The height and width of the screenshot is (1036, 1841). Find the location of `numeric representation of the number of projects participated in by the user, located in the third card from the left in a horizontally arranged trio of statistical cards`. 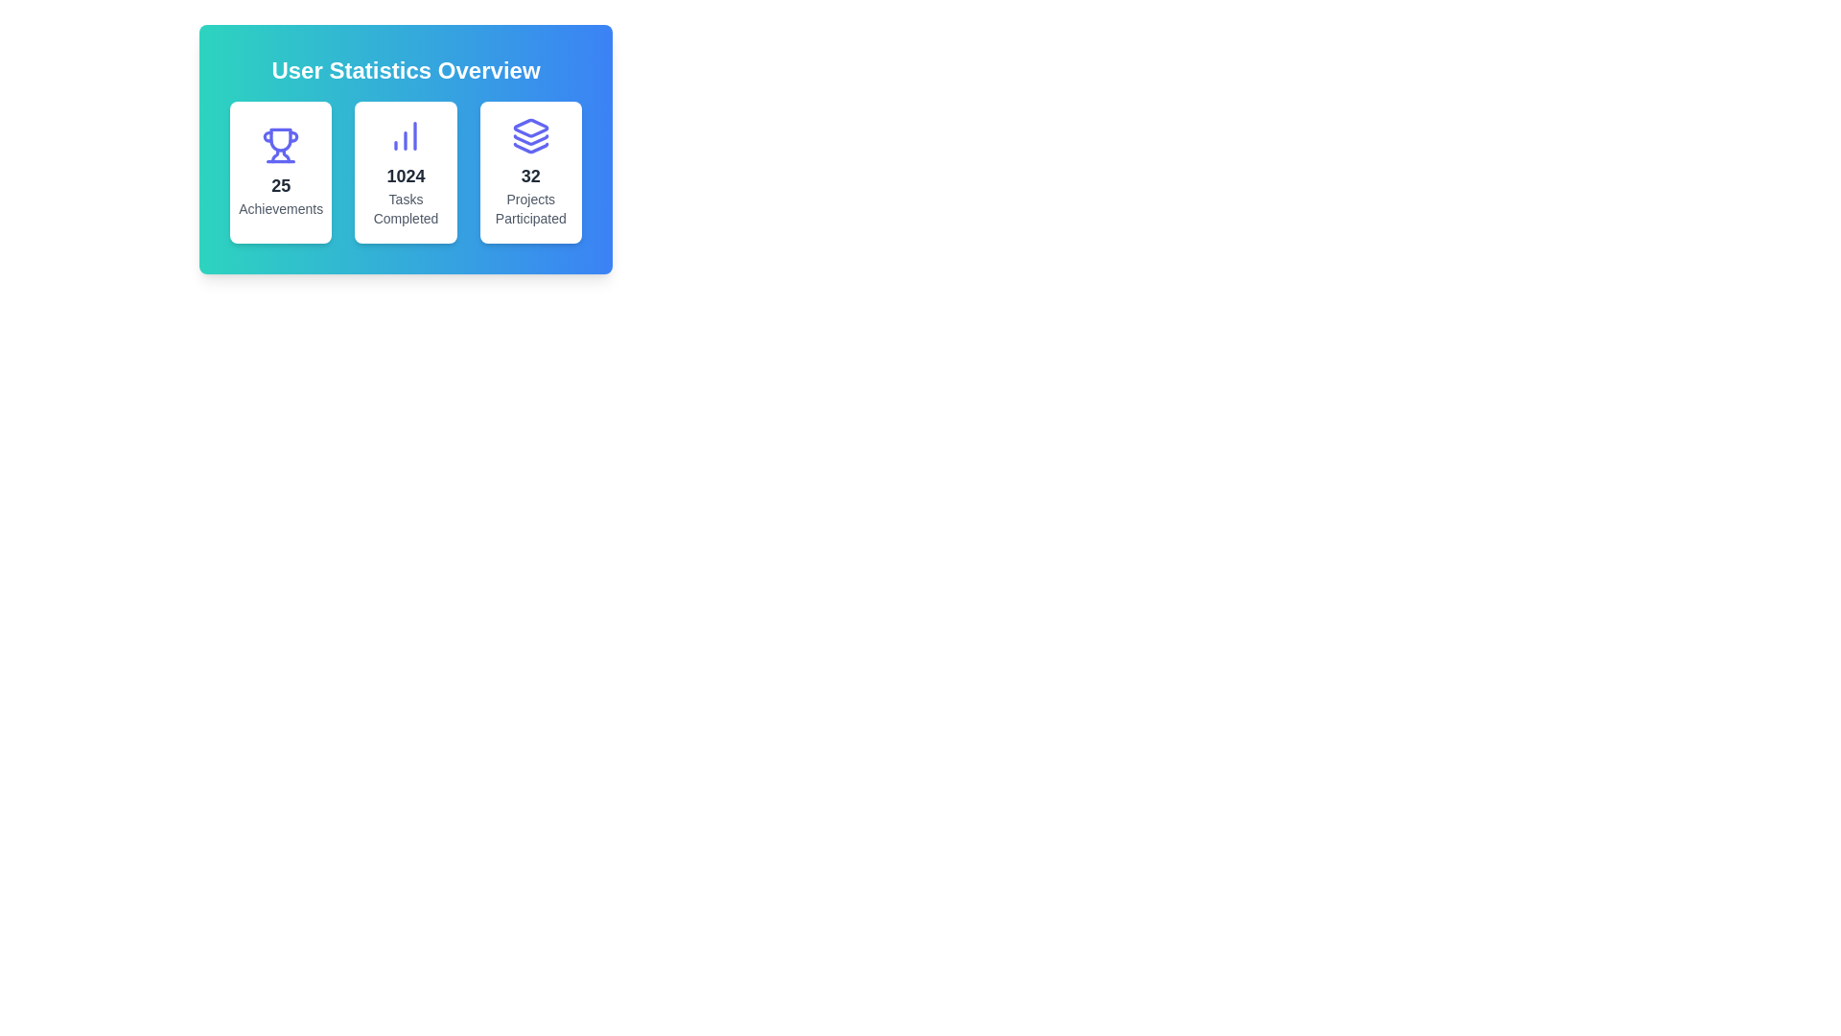

numeric representation of the number of projects participated in by the user, located in the third card from the left in a horizontally arranged trio of statistical cards is located at coordinates (530, 177).